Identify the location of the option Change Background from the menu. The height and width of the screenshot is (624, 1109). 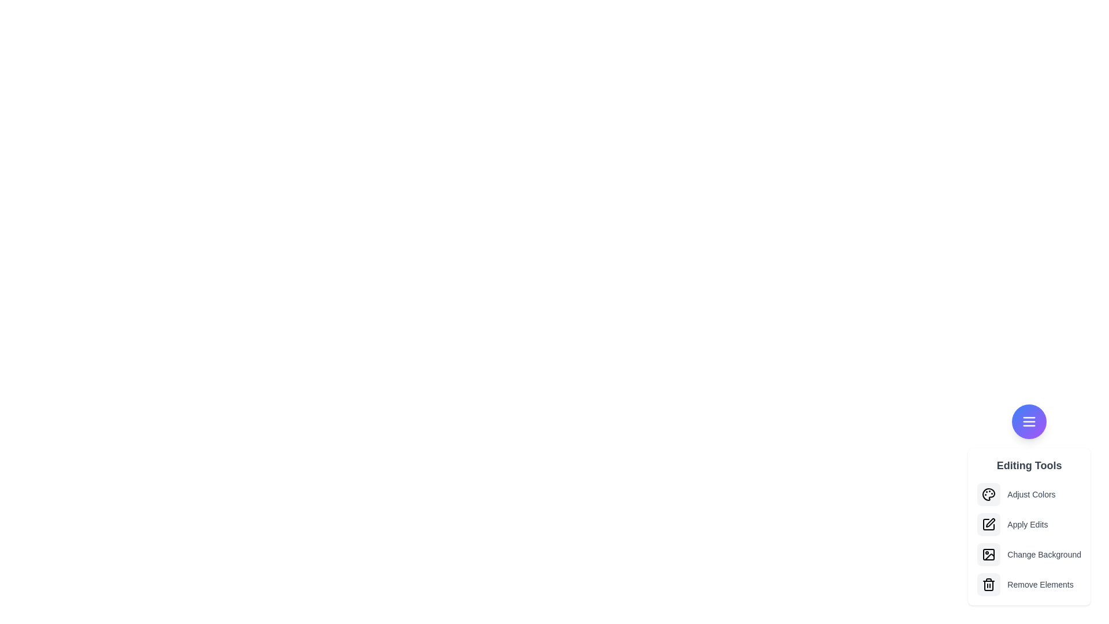
(988, 554).